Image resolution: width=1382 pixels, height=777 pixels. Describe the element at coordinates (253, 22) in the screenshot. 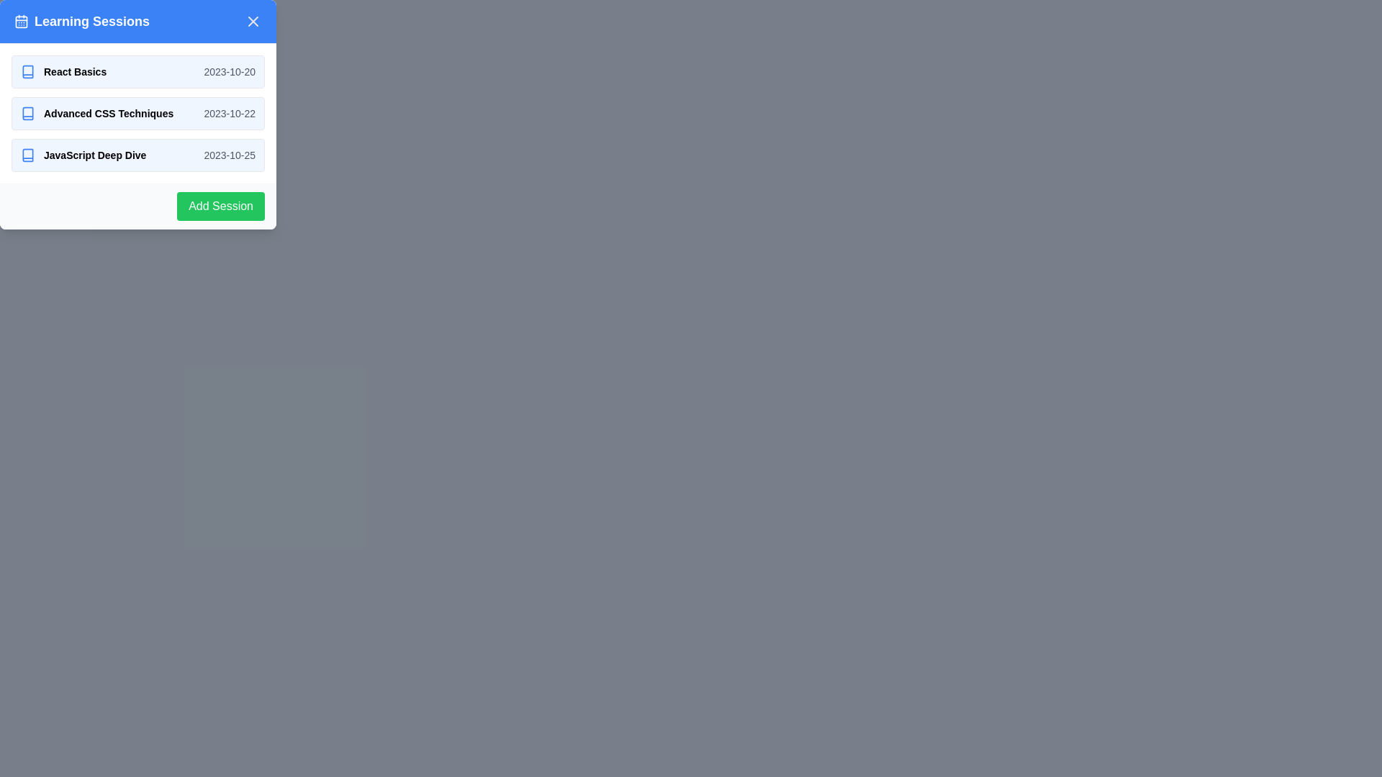

I see `the close button (X icon) in the upper right corner of the 'Learning Sessions' header using keyboard navigation` at that location.